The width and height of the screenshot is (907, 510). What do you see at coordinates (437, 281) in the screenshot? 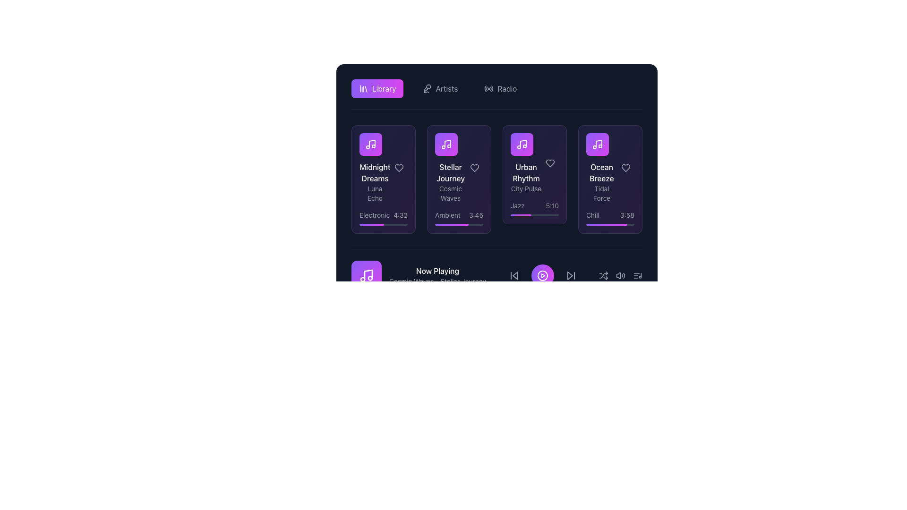
I see `the text label displaying 'Cosmic Waves - Stellar Journey' located under the 'Now Playing' section in the music player interface` at bounding box center [437, 281].